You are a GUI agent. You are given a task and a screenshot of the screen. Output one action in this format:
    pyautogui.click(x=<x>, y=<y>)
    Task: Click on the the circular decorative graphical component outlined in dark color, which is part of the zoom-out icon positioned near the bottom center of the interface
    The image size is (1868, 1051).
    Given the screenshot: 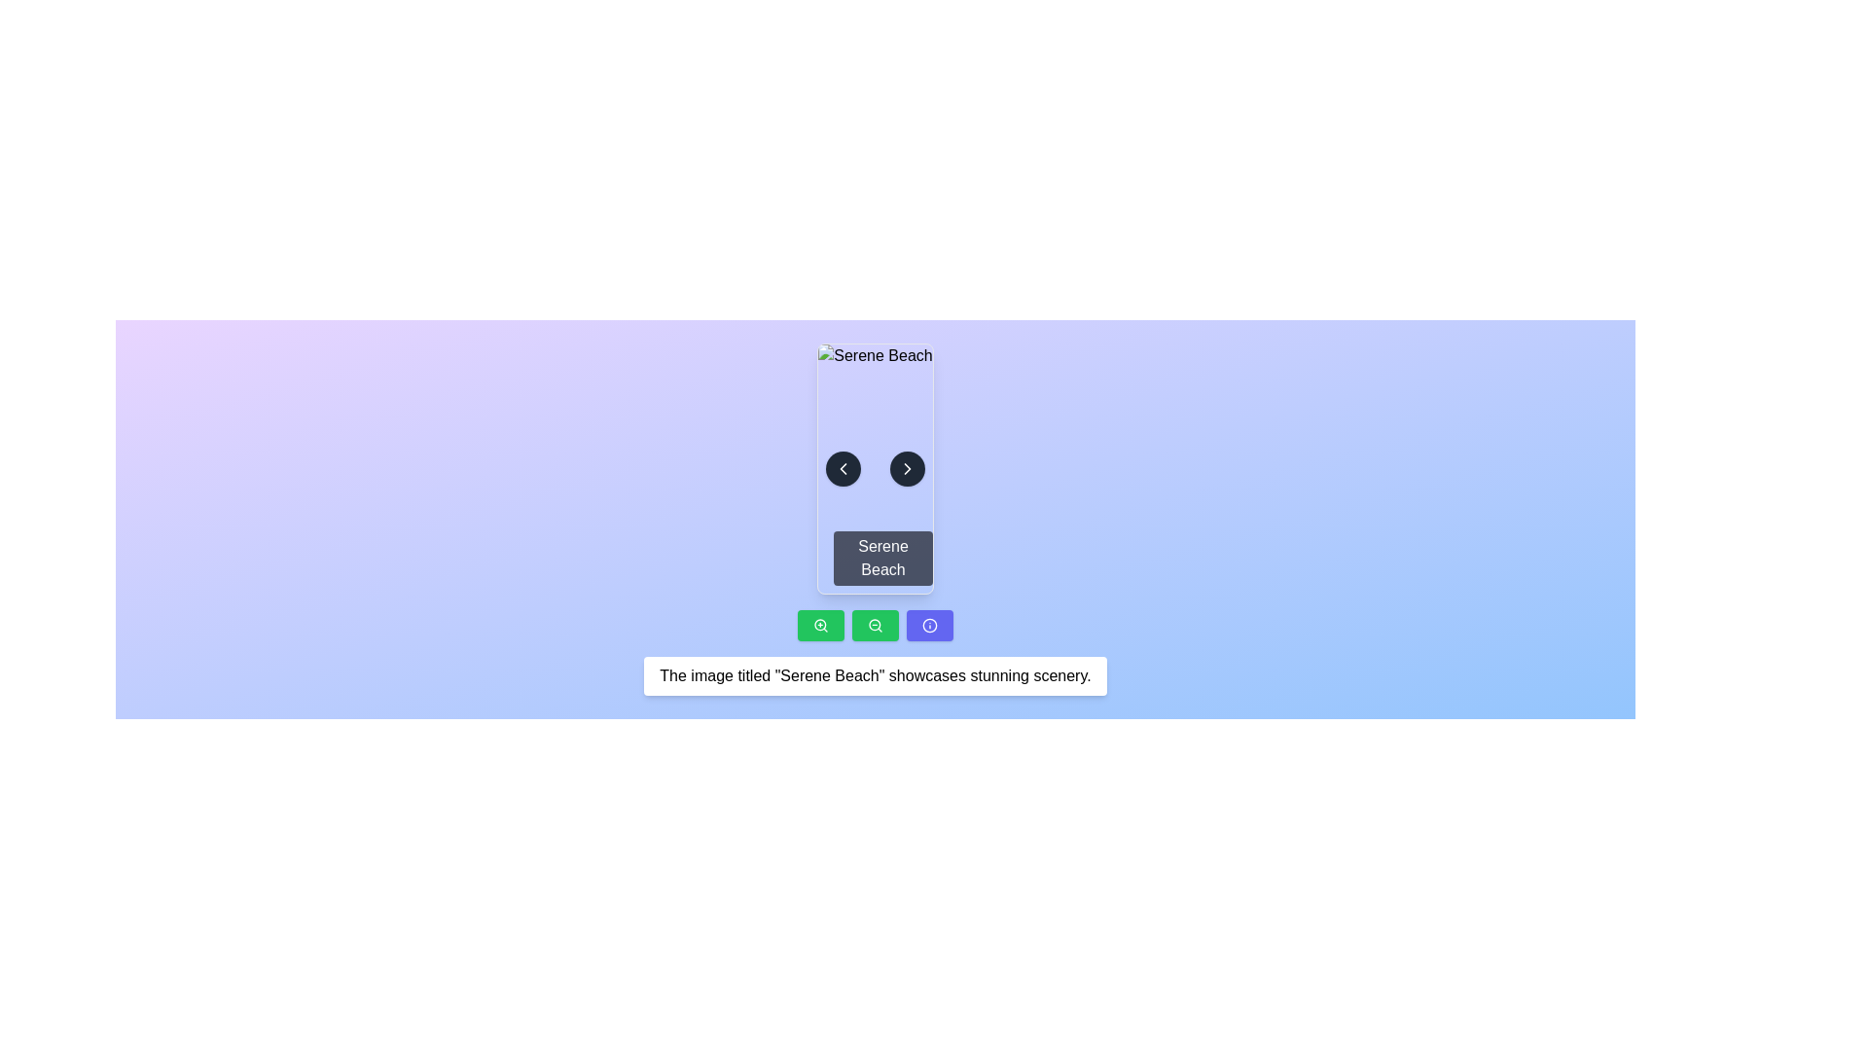 What is the action you would take?
    pyautogui.click(x=874, y=625)
    